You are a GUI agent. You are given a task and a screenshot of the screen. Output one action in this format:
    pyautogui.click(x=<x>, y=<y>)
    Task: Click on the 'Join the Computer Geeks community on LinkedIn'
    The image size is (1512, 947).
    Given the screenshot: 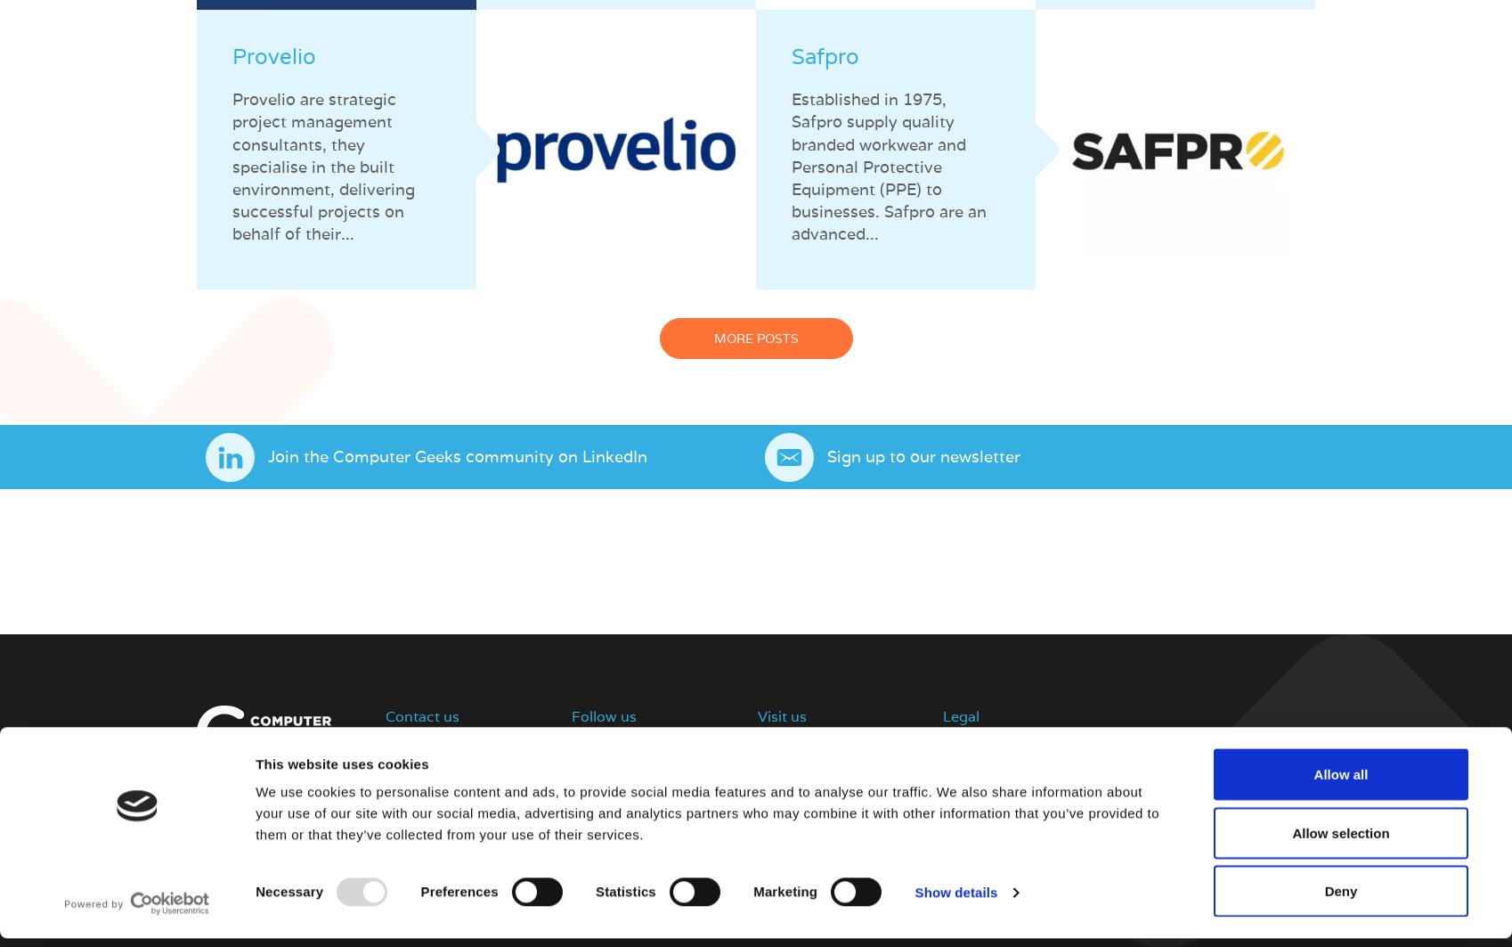 What is the action you would take?
    pyautogui.click(x=457, y=456)
    